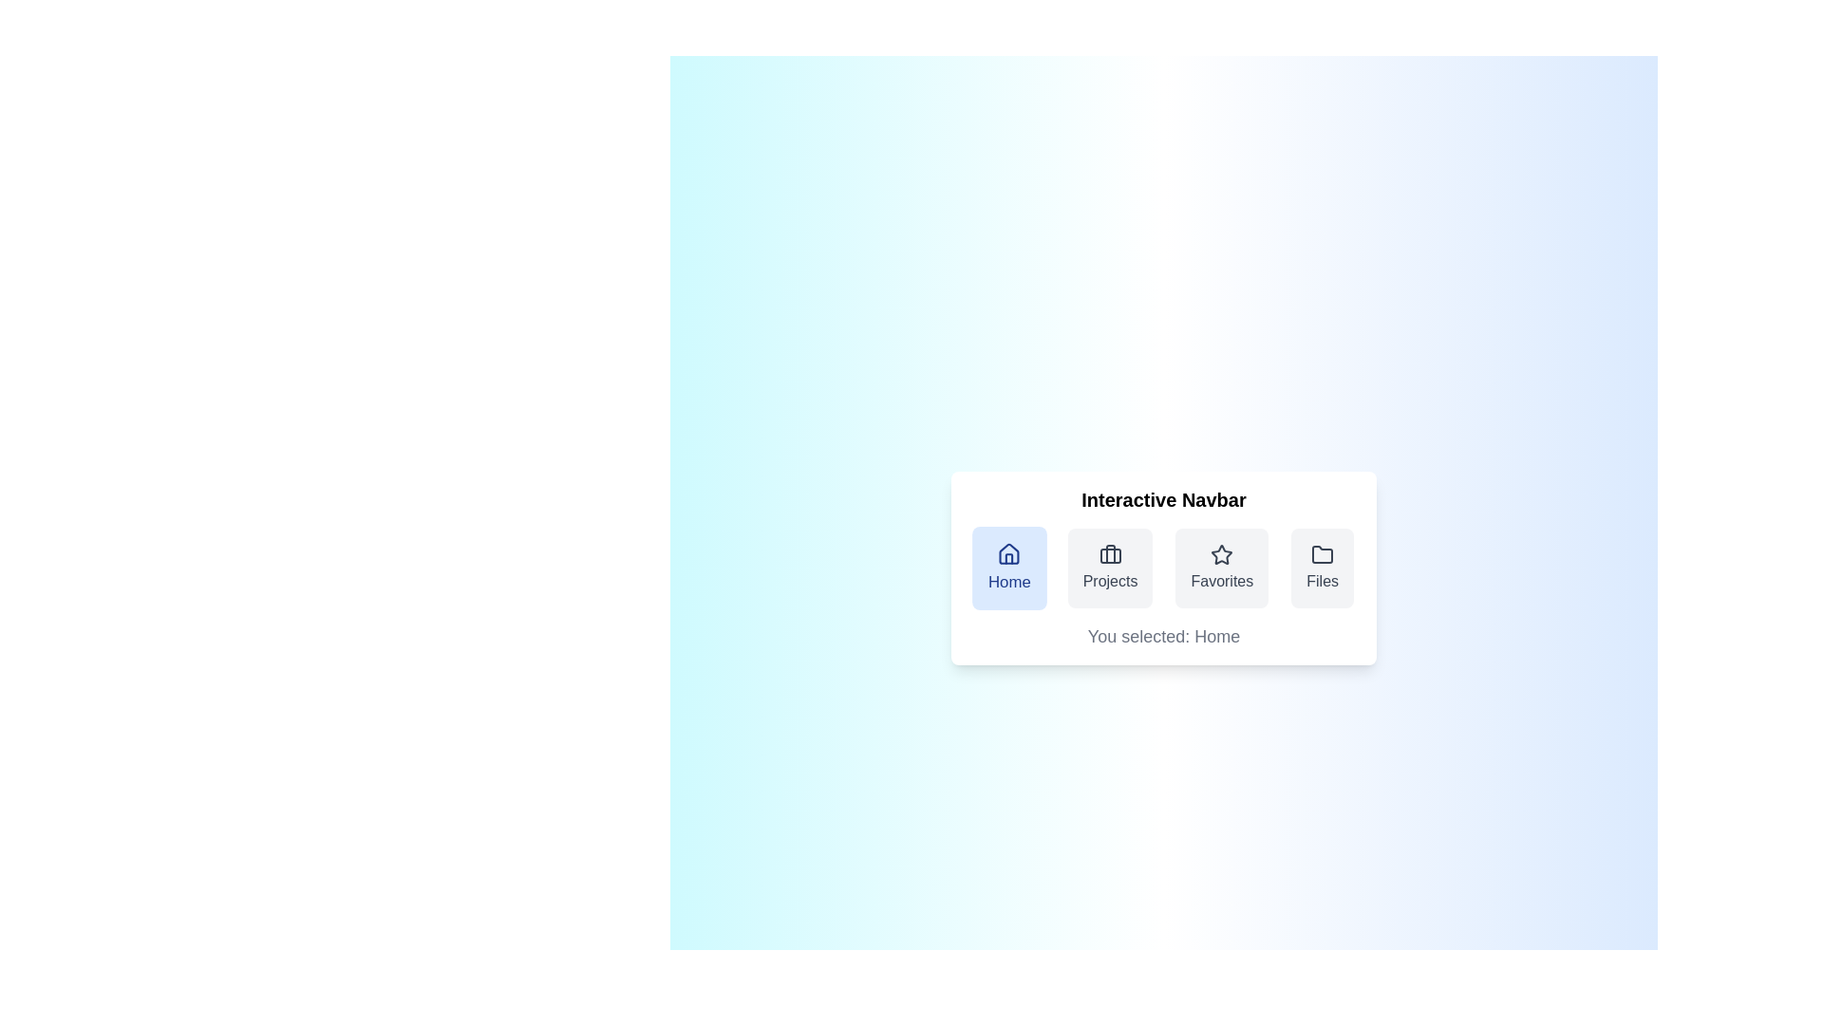  What do you see at coordinates (1110, 567) in the screenshot?
I see `the navigation item Projects in the navbar` at bounding box center [1110, 567].